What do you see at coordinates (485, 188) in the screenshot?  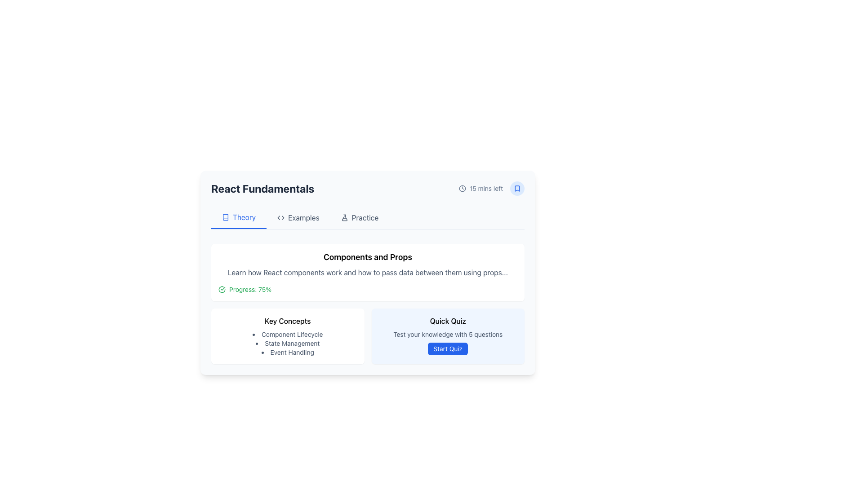 I see `text displayed in the slate-colored font that says '15 mins left', which is located in the top-right section of the central content card, aligned to the right of a clock icon` at bounding box center [485, 188].